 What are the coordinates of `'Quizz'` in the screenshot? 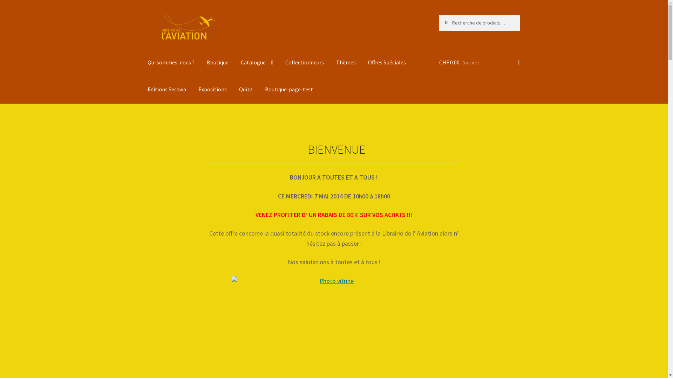 It's located at (246, 89).